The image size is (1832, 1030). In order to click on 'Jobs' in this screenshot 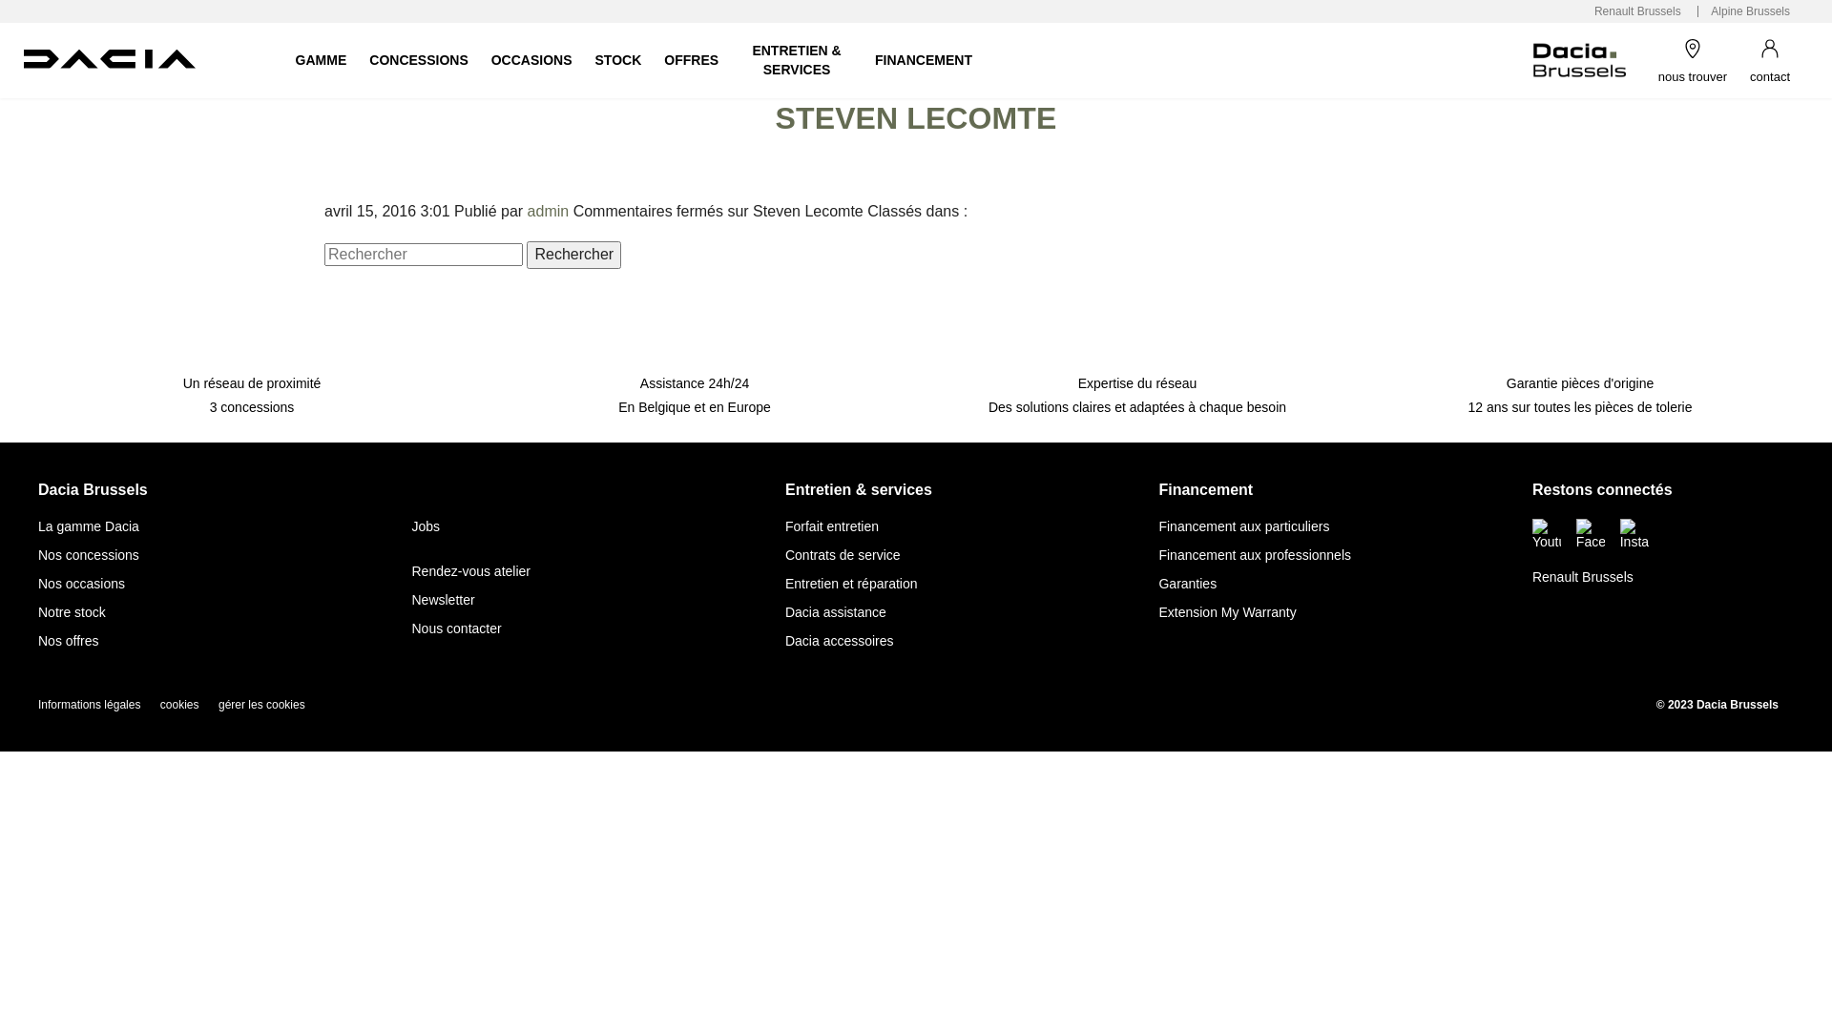, I will do `click(425, 525)`.